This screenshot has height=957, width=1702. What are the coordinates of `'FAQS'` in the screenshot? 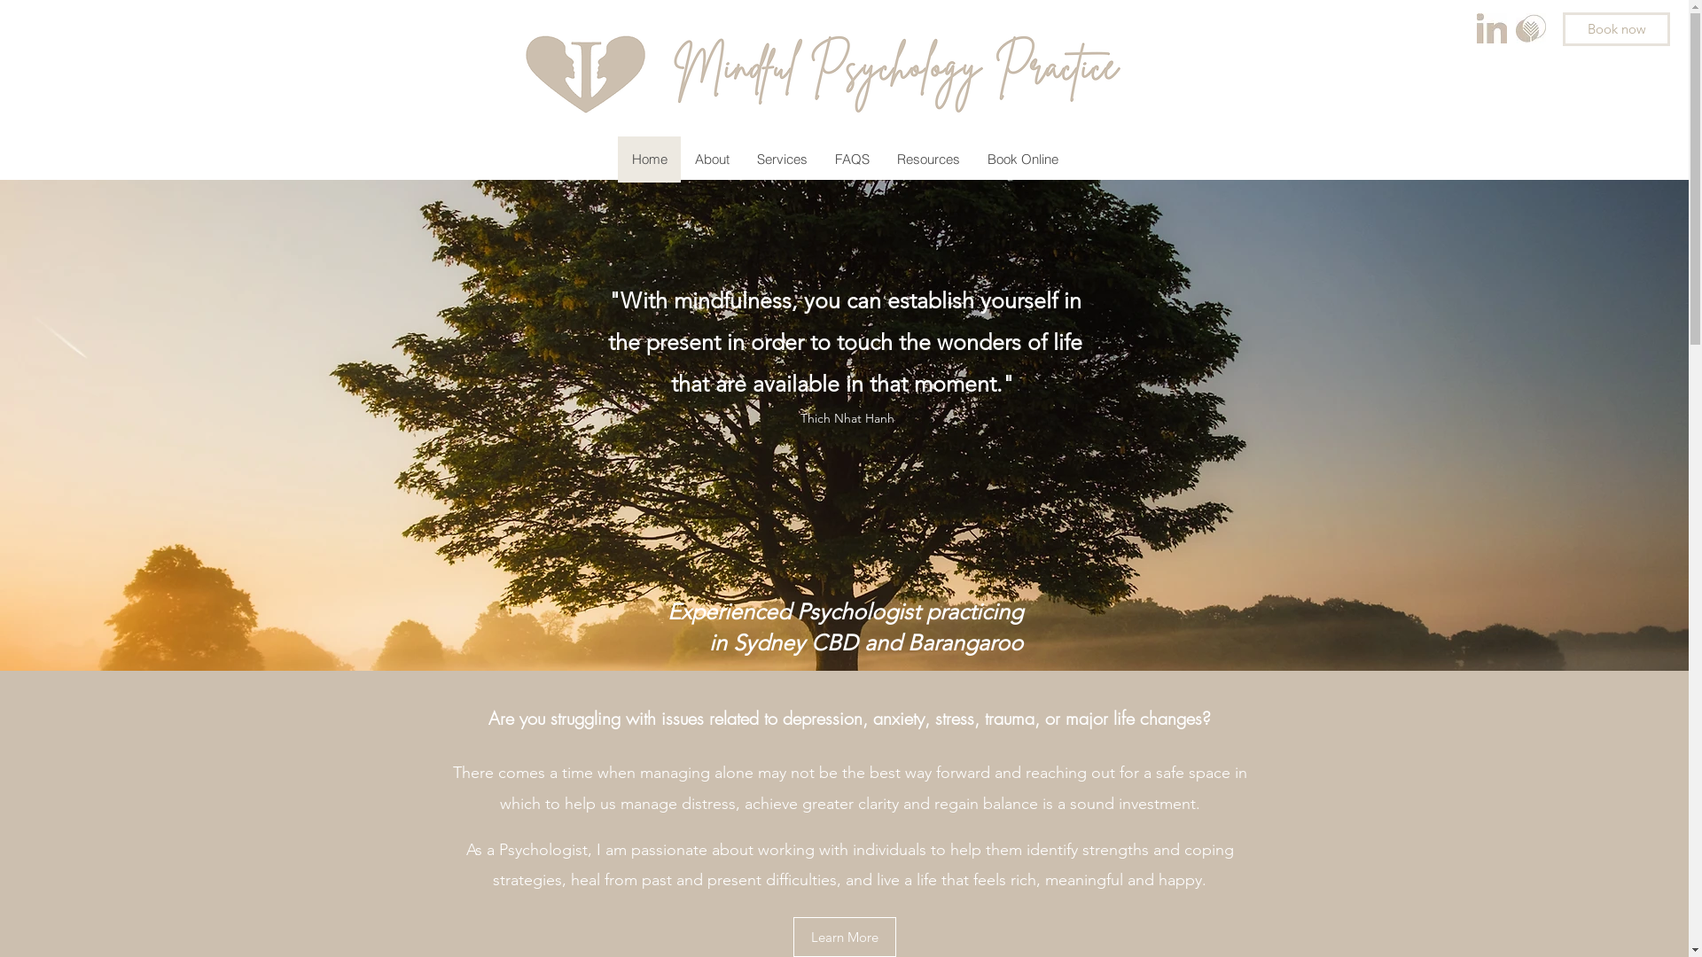 It's located at (851, 159).